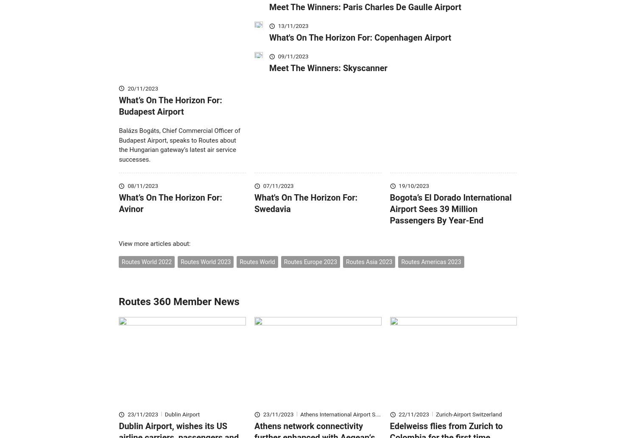 This screenshot has width=636, height=438. Describe the element at coordinates (305, 216) in the screenshot. I see `'What's On The Horizon For: Swedavia'` at that location.